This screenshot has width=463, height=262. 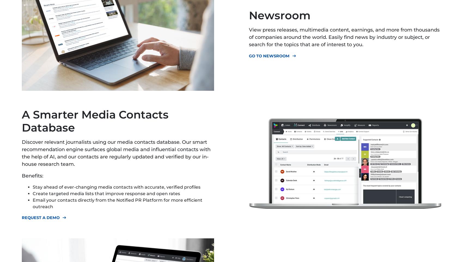 What do you see at coordinates (116, 153) in the screenshot?
I see `'Discover relevant journalists using our media contacts database. Our smart recommendation engine surfaces global media and influential contacts with the help of AI, and our contacts are regularly updated and verified by our in-house research team.'` at bounding box center [116, 153].